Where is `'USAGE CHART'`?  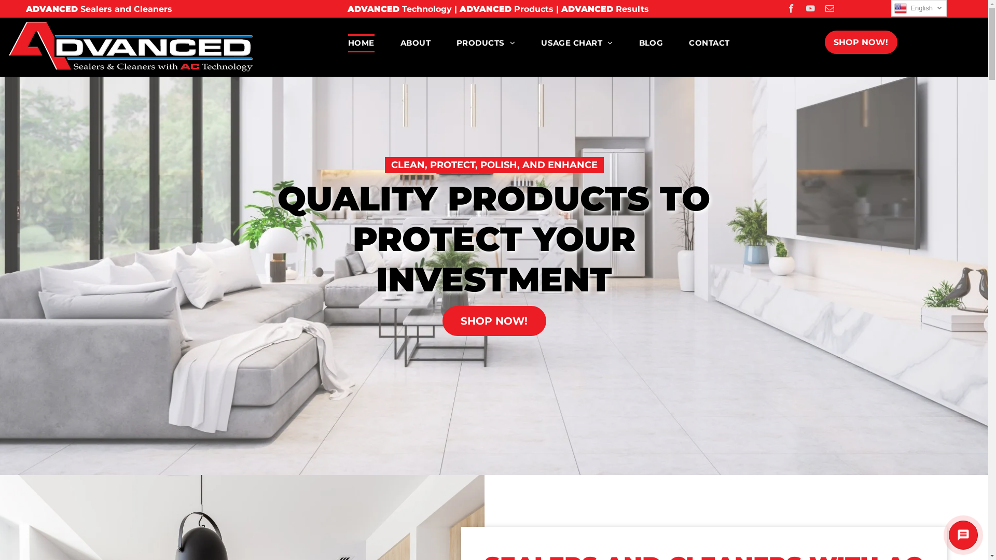 'USAGE CHART' is located at coordinates (528, 43).